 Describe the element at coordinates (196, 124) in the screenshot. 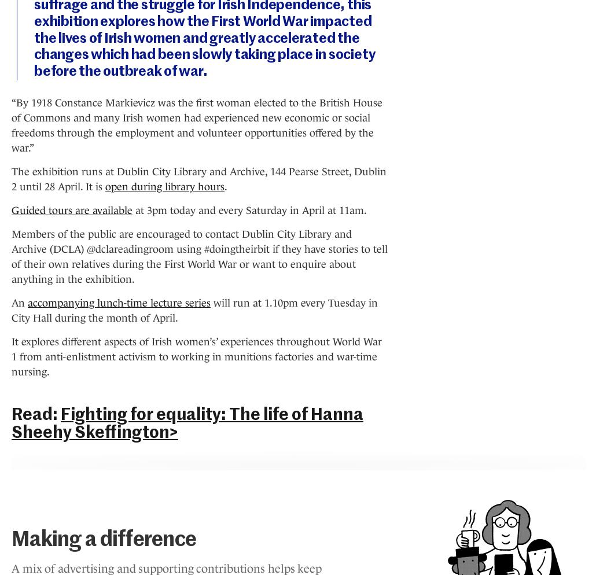

I see `'“By 1918 Constance Markievicz was the first woman elected to the British House of Commons and many Irish women had experienced new economic or social freedoms through the employment and volunteer opportunities offered by the war.”'` at that location.